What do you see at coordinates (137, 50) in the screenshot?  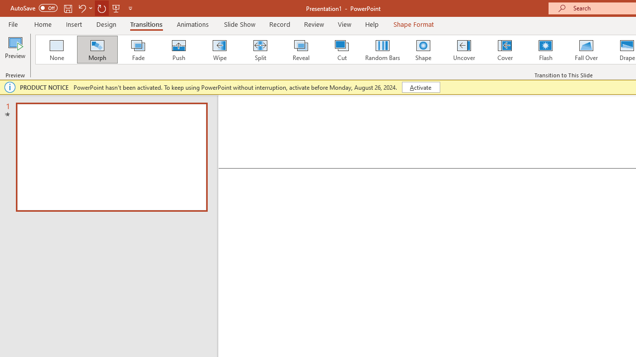 I see `'Fade'` at bounding box center [137, 50].